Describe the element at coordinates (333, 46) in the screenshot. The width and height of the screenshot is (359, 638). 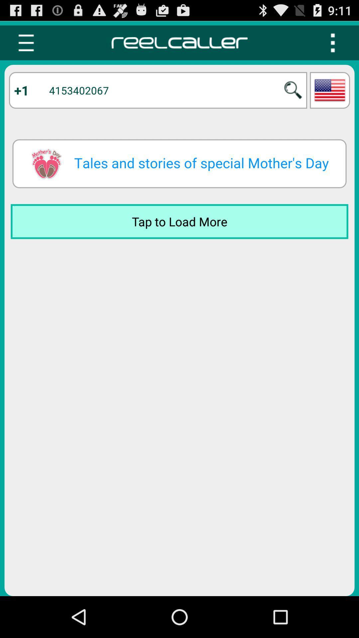
I see `the more icon` at that location.